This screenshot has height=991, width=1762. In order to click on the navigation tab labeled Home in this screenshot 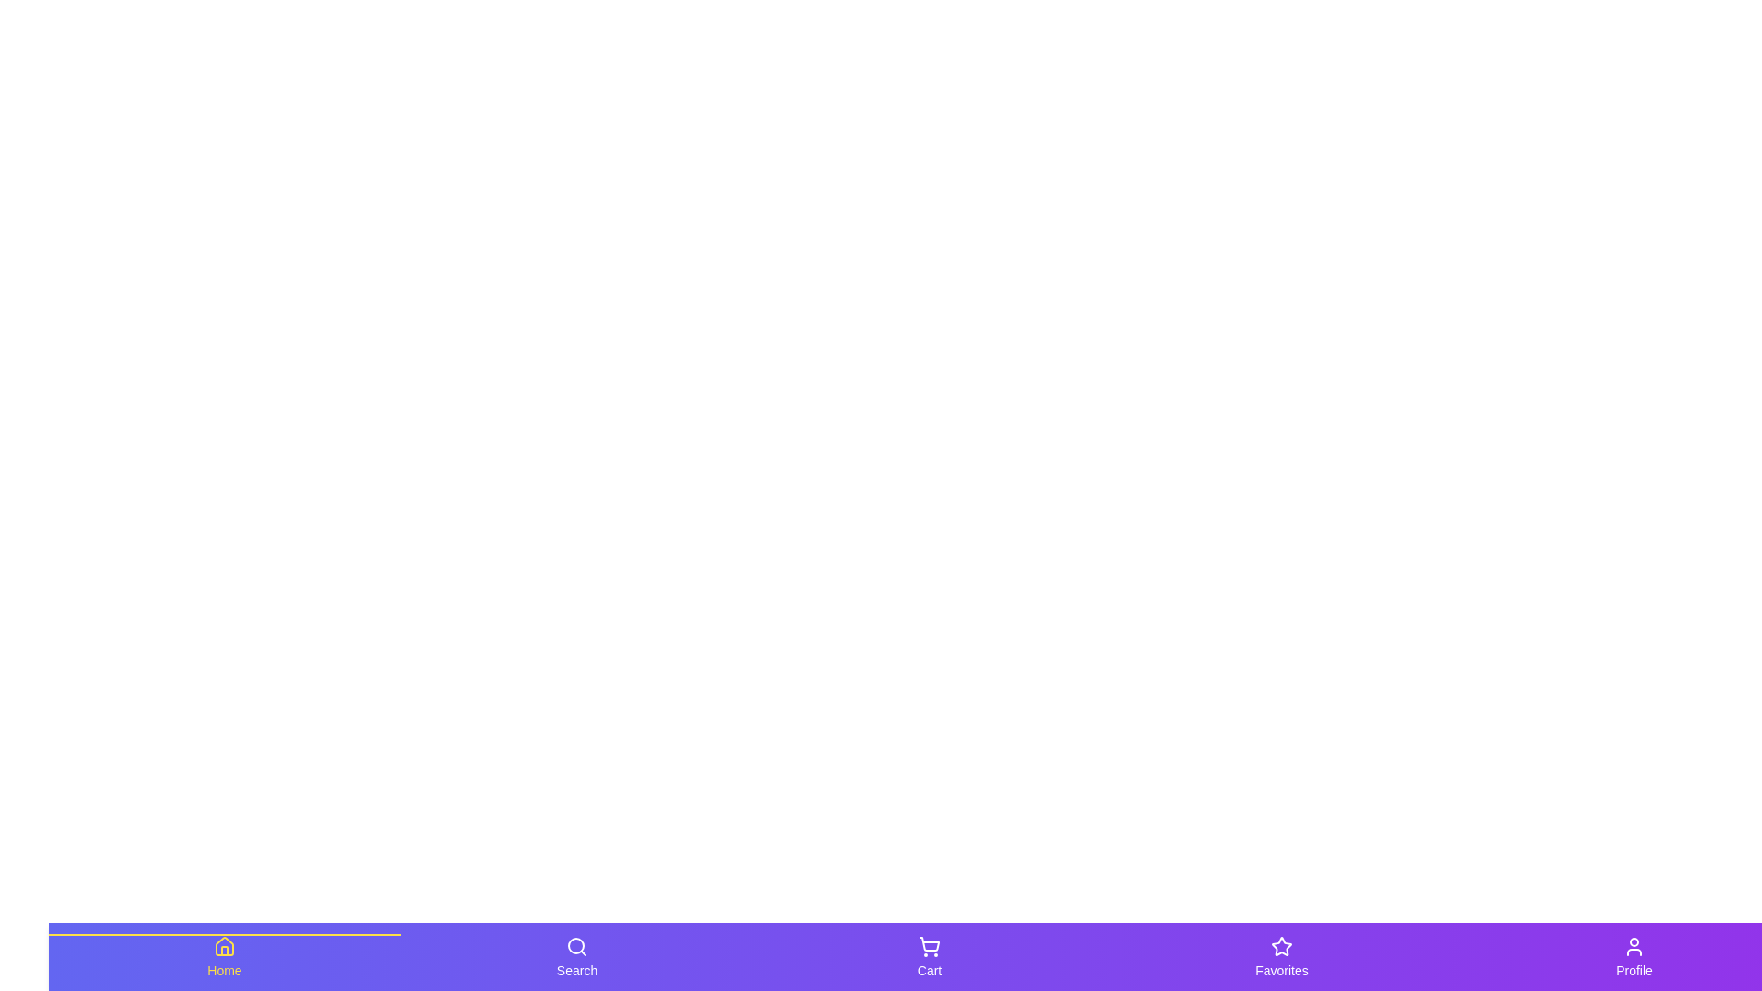, I will do `click(223, 955)`.